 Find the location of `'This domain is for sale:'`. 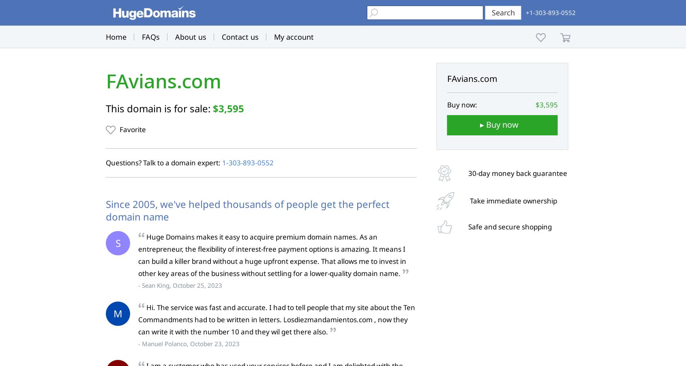

'This domain is for sale:' is located at coordinates (159, 108).